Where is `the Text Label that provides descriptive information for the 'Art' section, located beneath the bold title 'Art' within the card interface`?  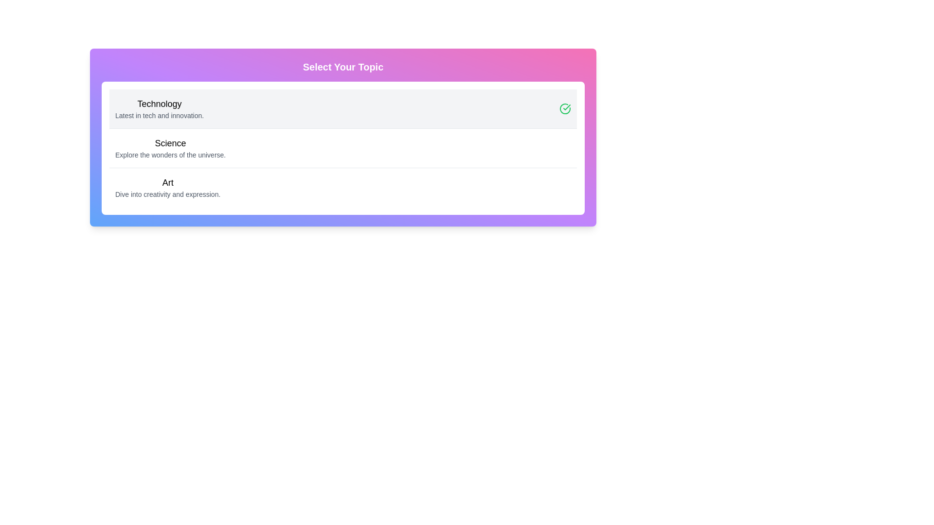 the Text Label that provides descriptive information for the 'Art' section, located beneath the bold title 'Art' within the card interface is located at coordinates (168, 194).